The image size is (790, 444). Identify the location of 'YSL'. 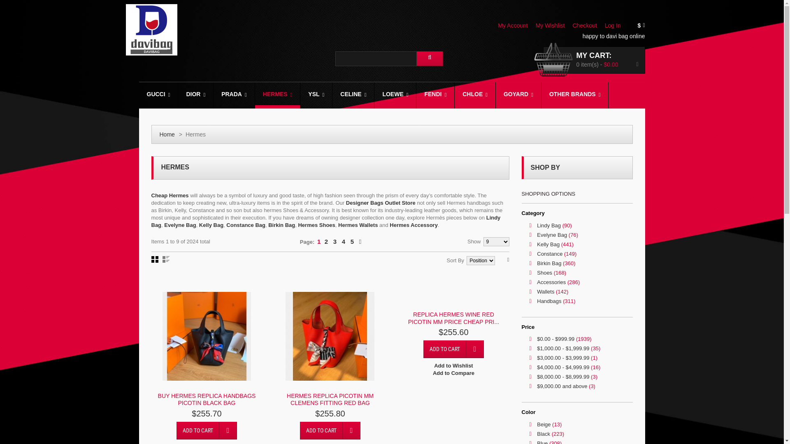
(316, 95).